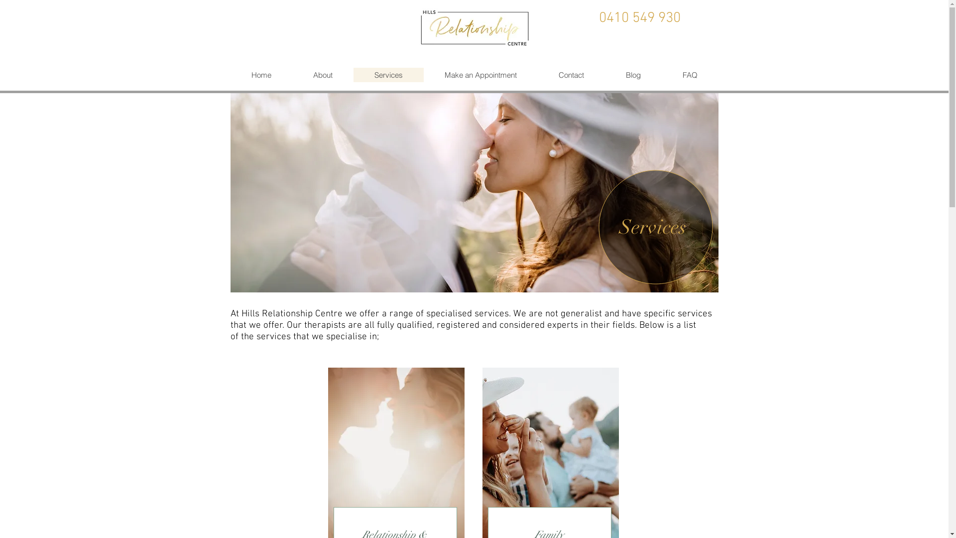 The height and width of the screenshot is (538, 956). Describe the element at coordinates (480, 74) in the screenshot. I see `'Make an Appointment'` at that location.